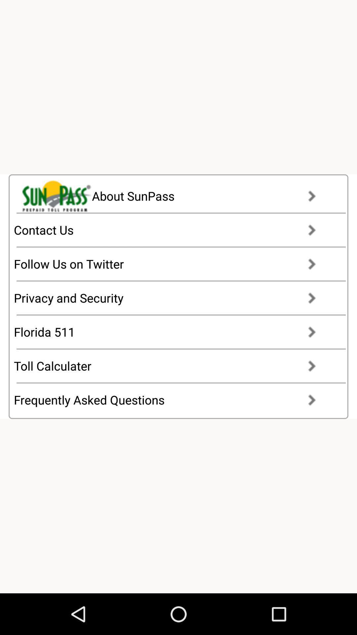  Describe the element at coordinates (171, 298) in the screenshot. I see `the privacy and security button` at that location.